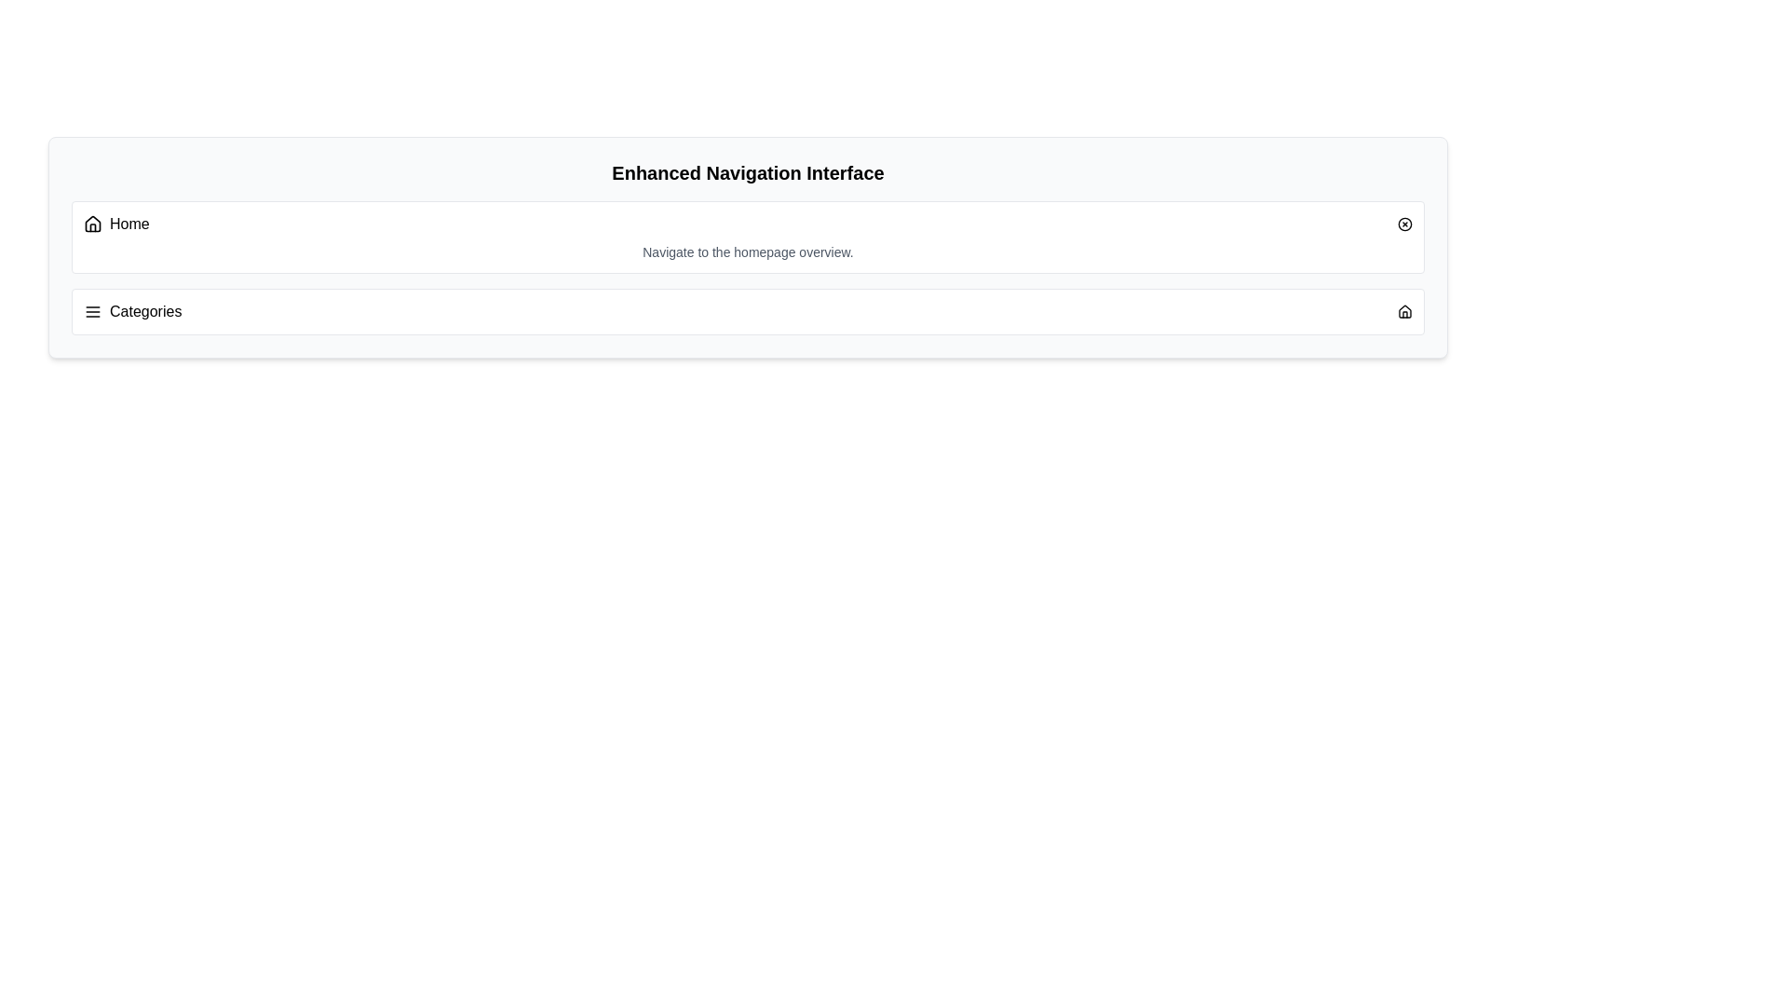 Image resolution: width=1788 pixels, height=1006 pixels. What do you see at coordinates (748, 311) in the screenshot?
I see `the 'Categories' panel/button, which has a white background, rounded corners, and a border, located below the 'Home' panel` at bounding box center [748, 311].